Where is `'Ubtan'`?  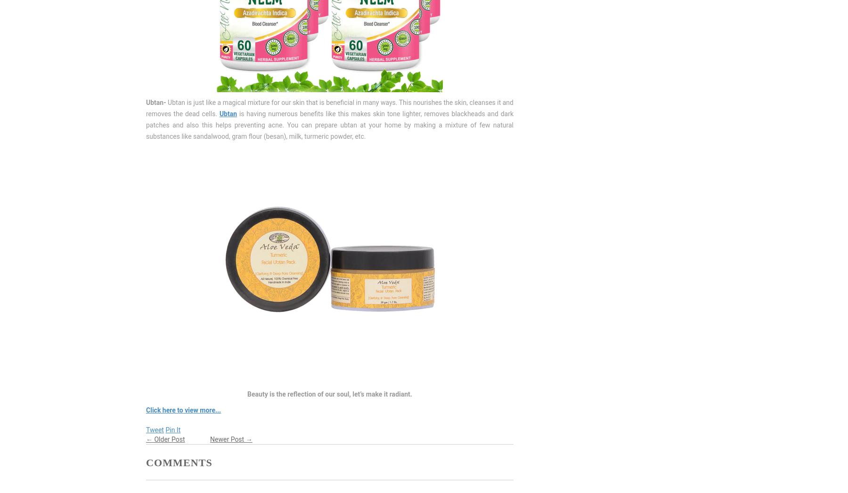 'Ubtan' is located at coordinates (218, 113).